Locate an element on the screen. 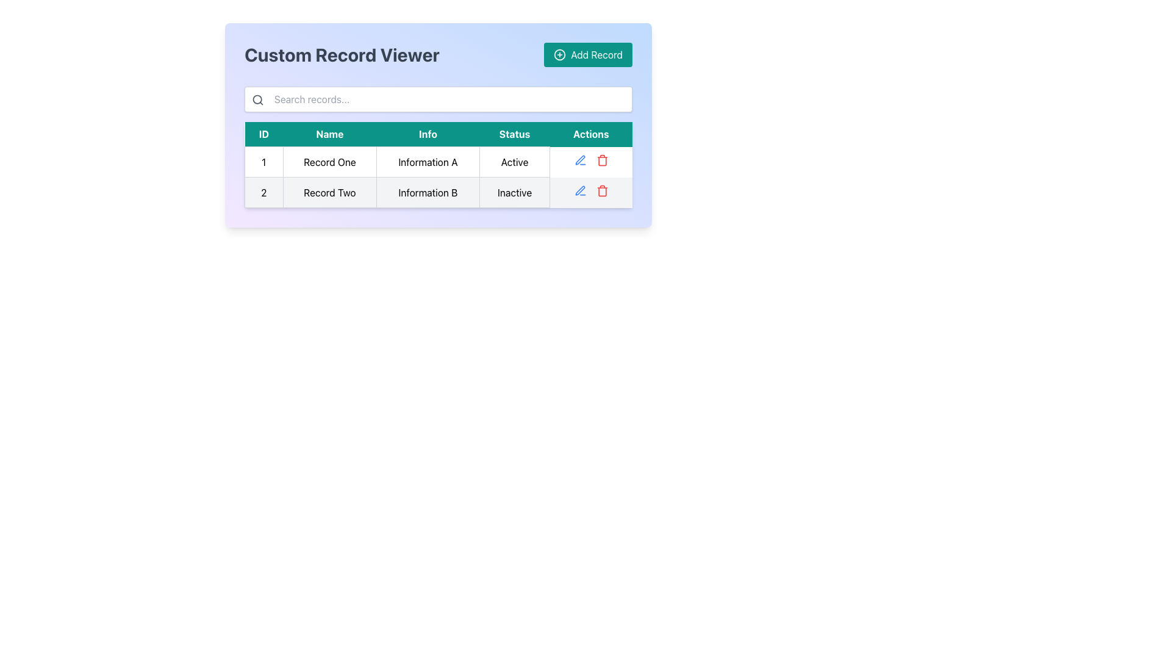 The image size is (1171, 659). the text cell labeled 'Information A' in the 'Info' column of the data table, located in the third column of the first row is located at coordinates (428, 161).